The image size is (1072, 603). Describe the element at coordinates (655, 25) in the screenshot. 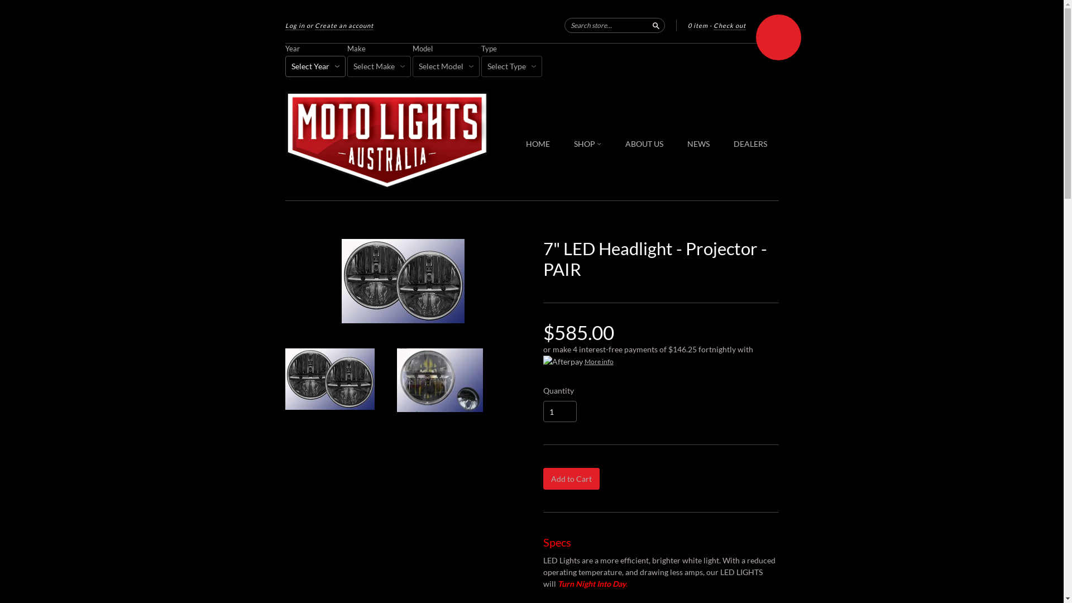

I see `'Search'` at that location.